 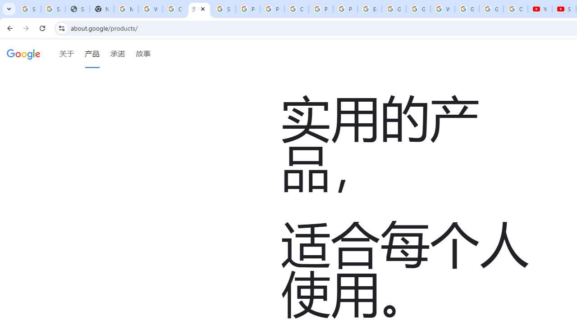 I want to click on 'Sign In - USA TODAY', so click(x=77, y=9).